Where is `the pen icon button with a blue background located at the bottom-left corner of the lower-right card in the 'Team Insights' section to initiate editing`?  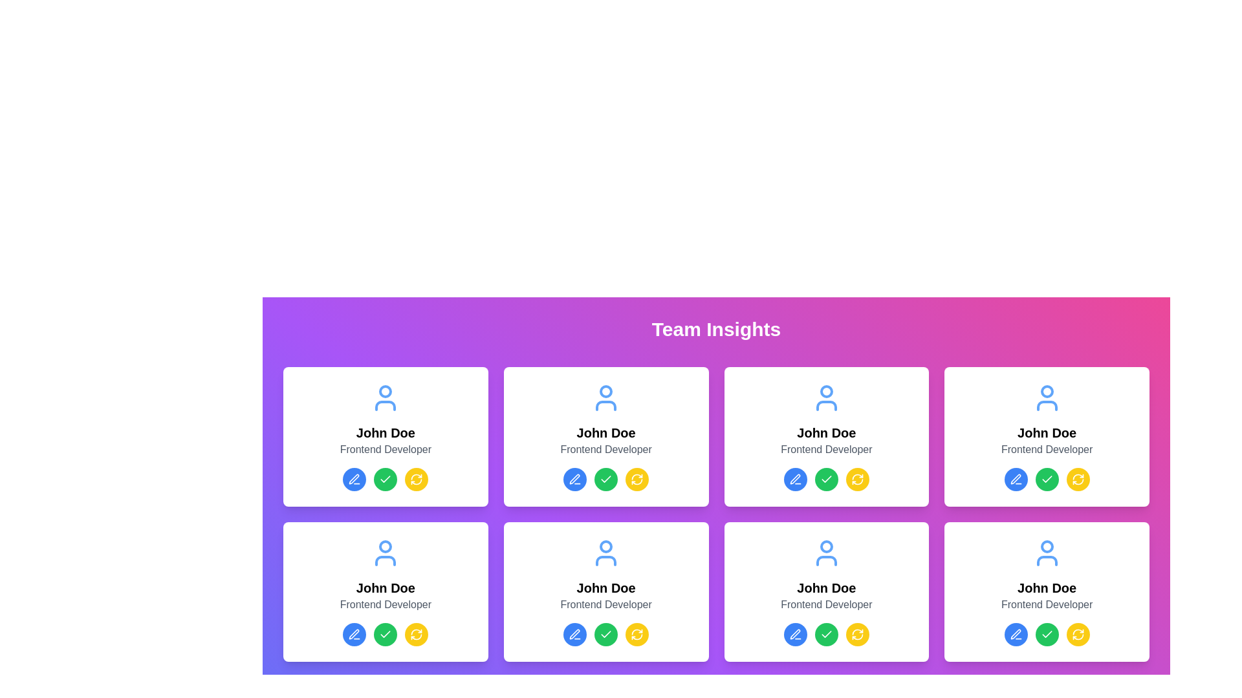
the pen icon button with a blue background located at the bottom-left corner of the lower-right card in the 'Team Insights' section to initiate editing is located at coordinates (794, 634).